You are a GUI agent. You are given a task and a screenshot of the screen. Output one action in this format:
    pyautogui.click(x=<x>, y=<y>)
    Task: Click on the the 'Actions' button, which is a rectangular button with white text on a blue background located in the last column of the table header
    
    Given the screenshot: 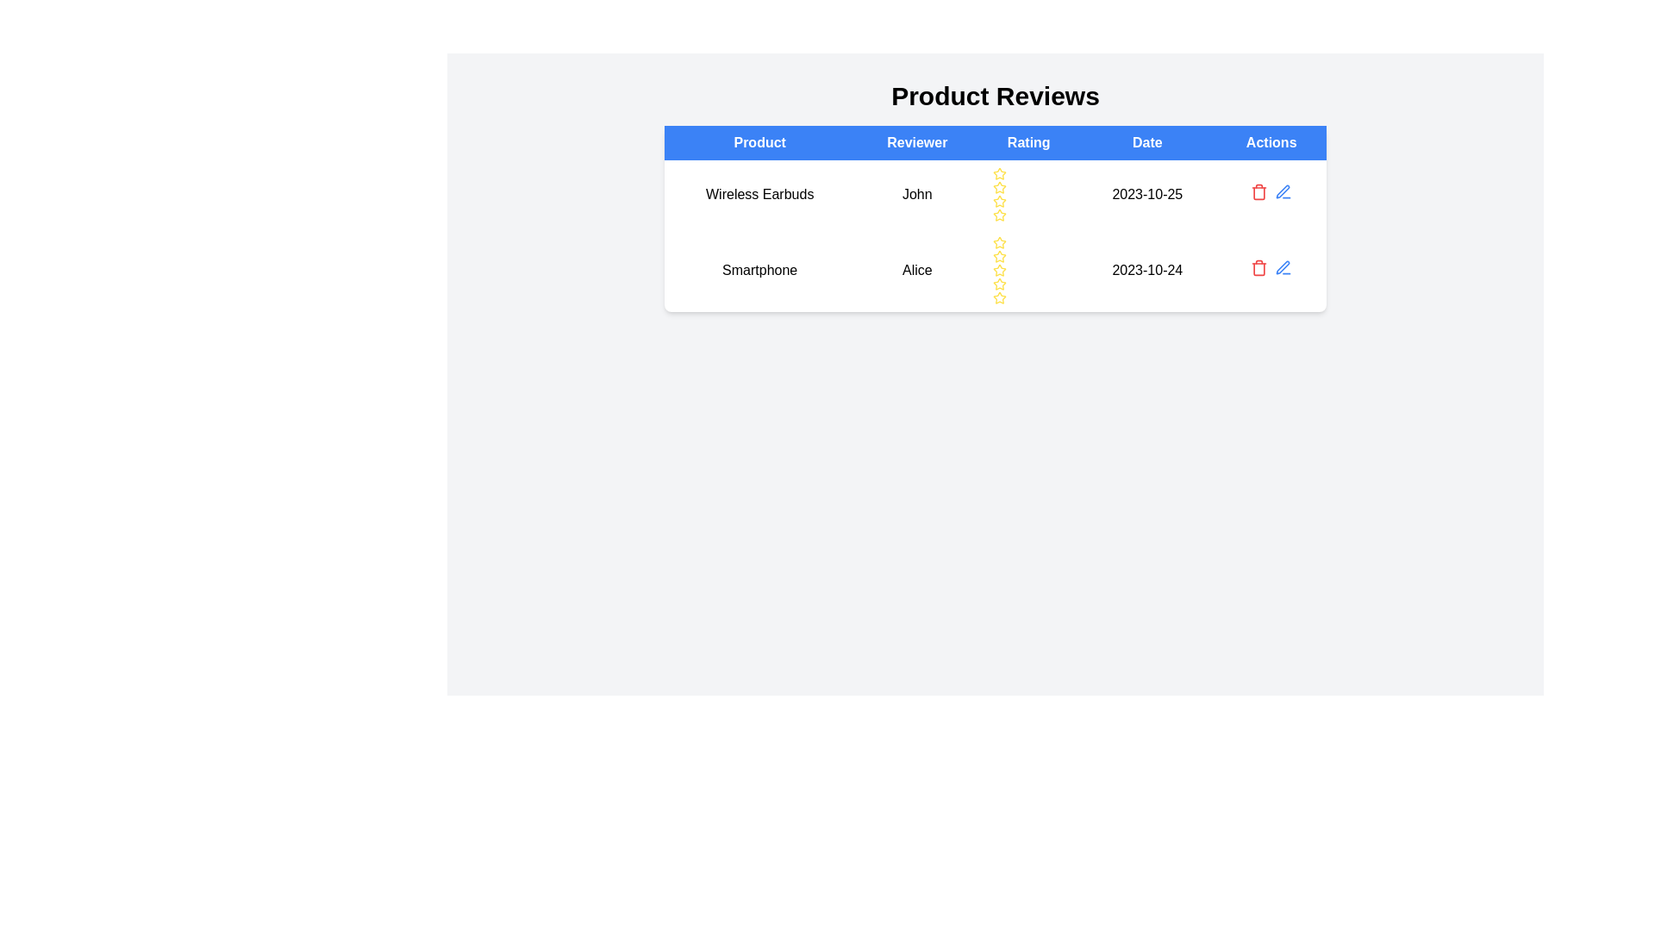 What is the action you would take?
    pyautogui.click(x=1271, y=141)
    